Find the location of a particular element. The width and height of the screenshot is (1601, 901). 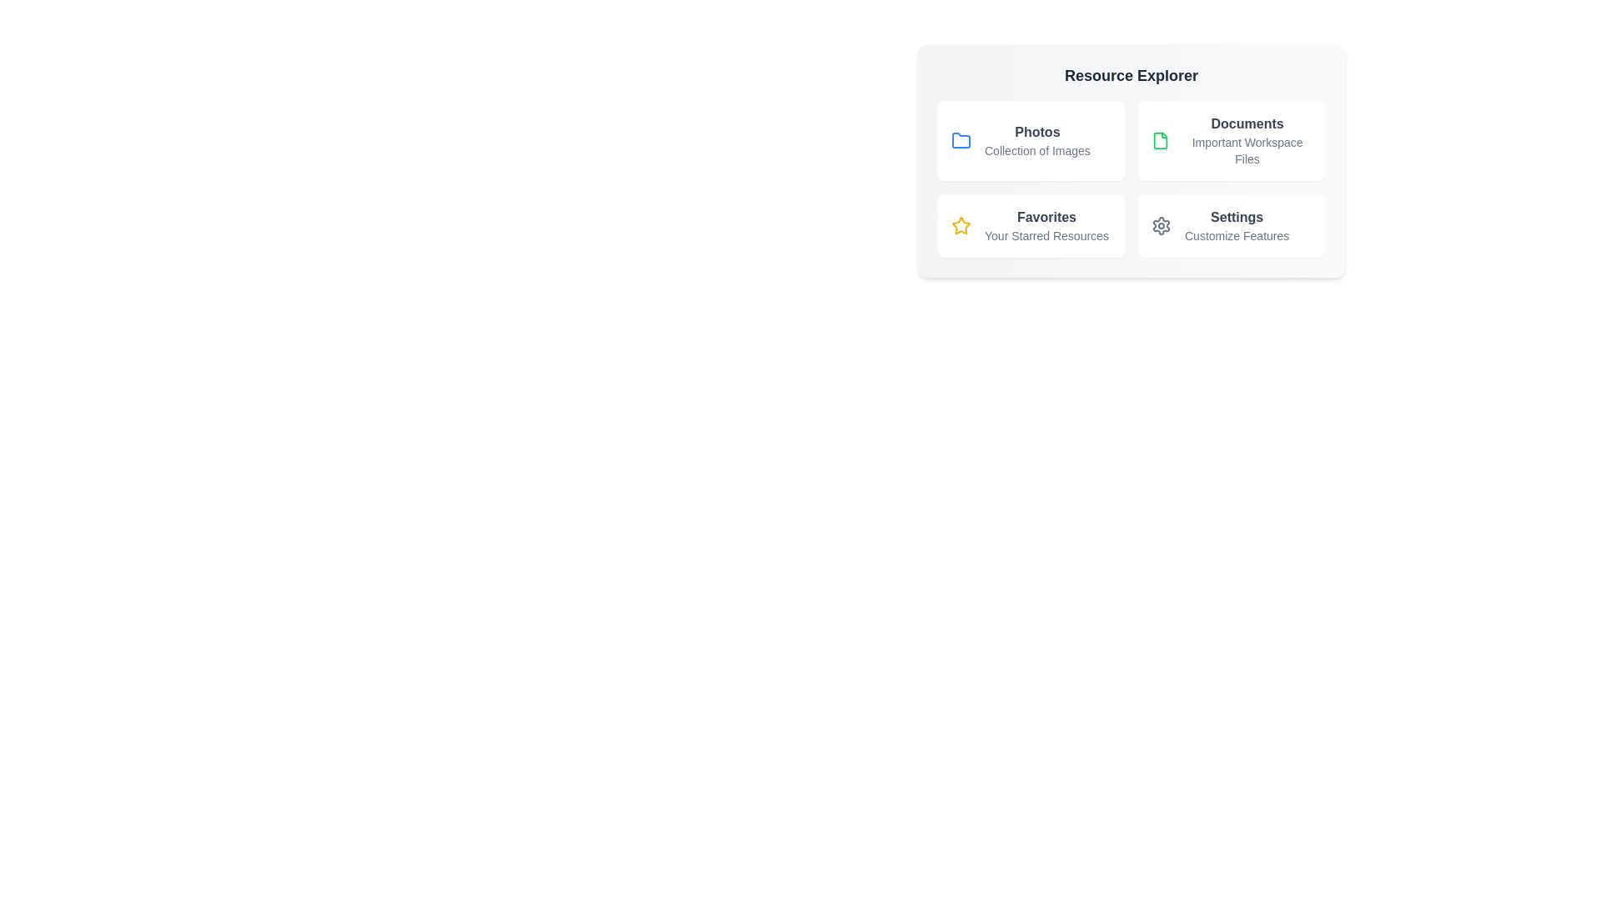

the Documents item to reveal additional details or effects is located at coordinates (1232, 140).